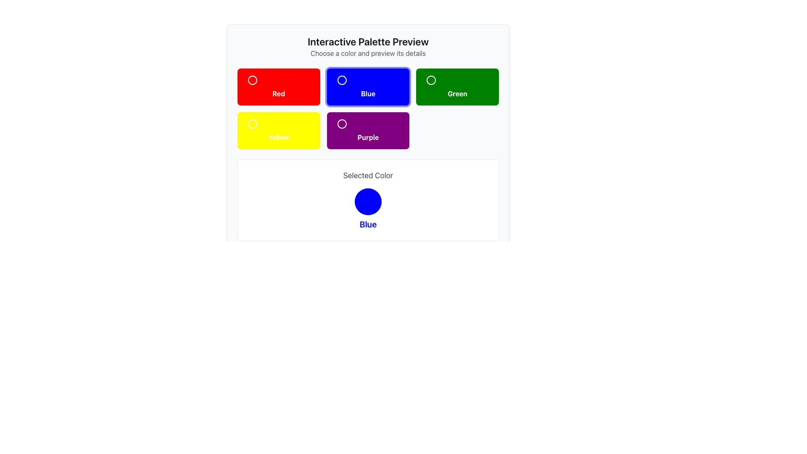  Describe the element at coordinates (368, 201) in the screenshot. I see `the central circle graphical indicator representing the selection of the color blue, located in the 'Selected Color' section of the interface` at that location.